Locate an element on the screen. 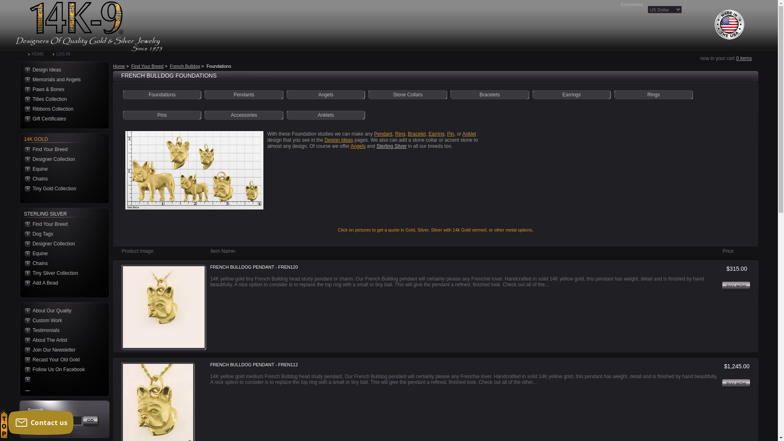 This screenshot has width=784, height=441. 'FRENCH BULLDOG PENDANT - FREN112' is located at coordinates (254, 365).